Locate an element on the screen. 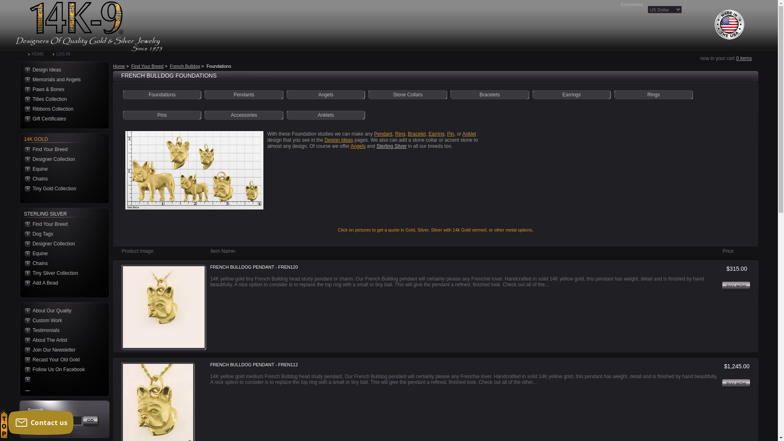 This screenshot has width=784, height=441. 'FRENCH BULLDOG PENDANT - FREN112' is located at coordinates (254, 365).